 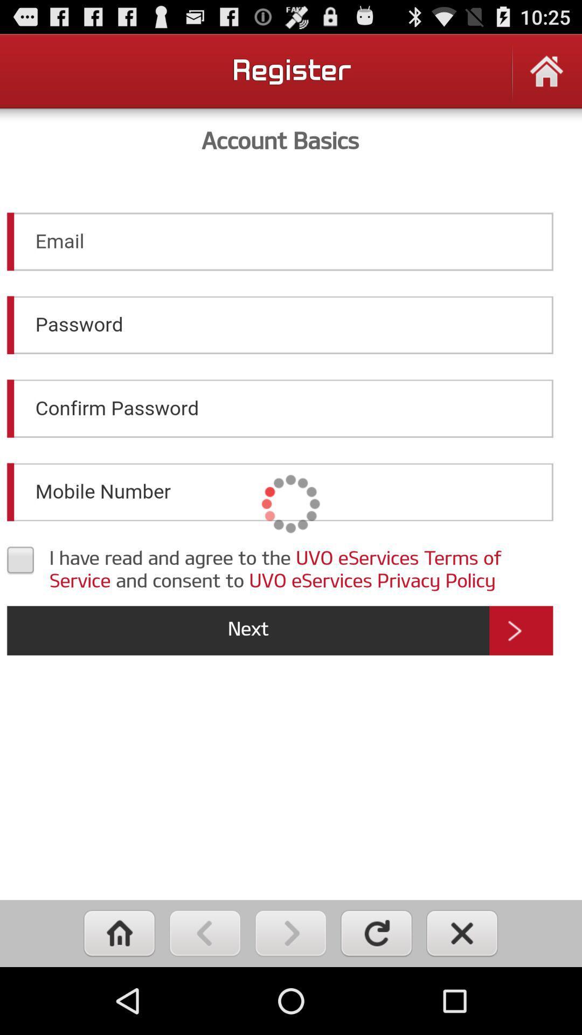 I want to click on back option, so click(x=205, y=933).